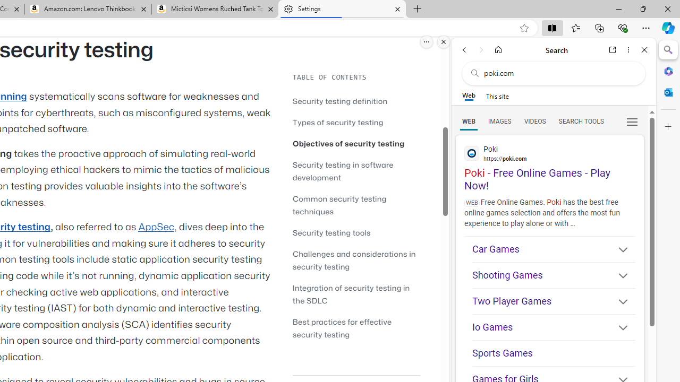  I want to click on 'Car Games', so click(553, 249).